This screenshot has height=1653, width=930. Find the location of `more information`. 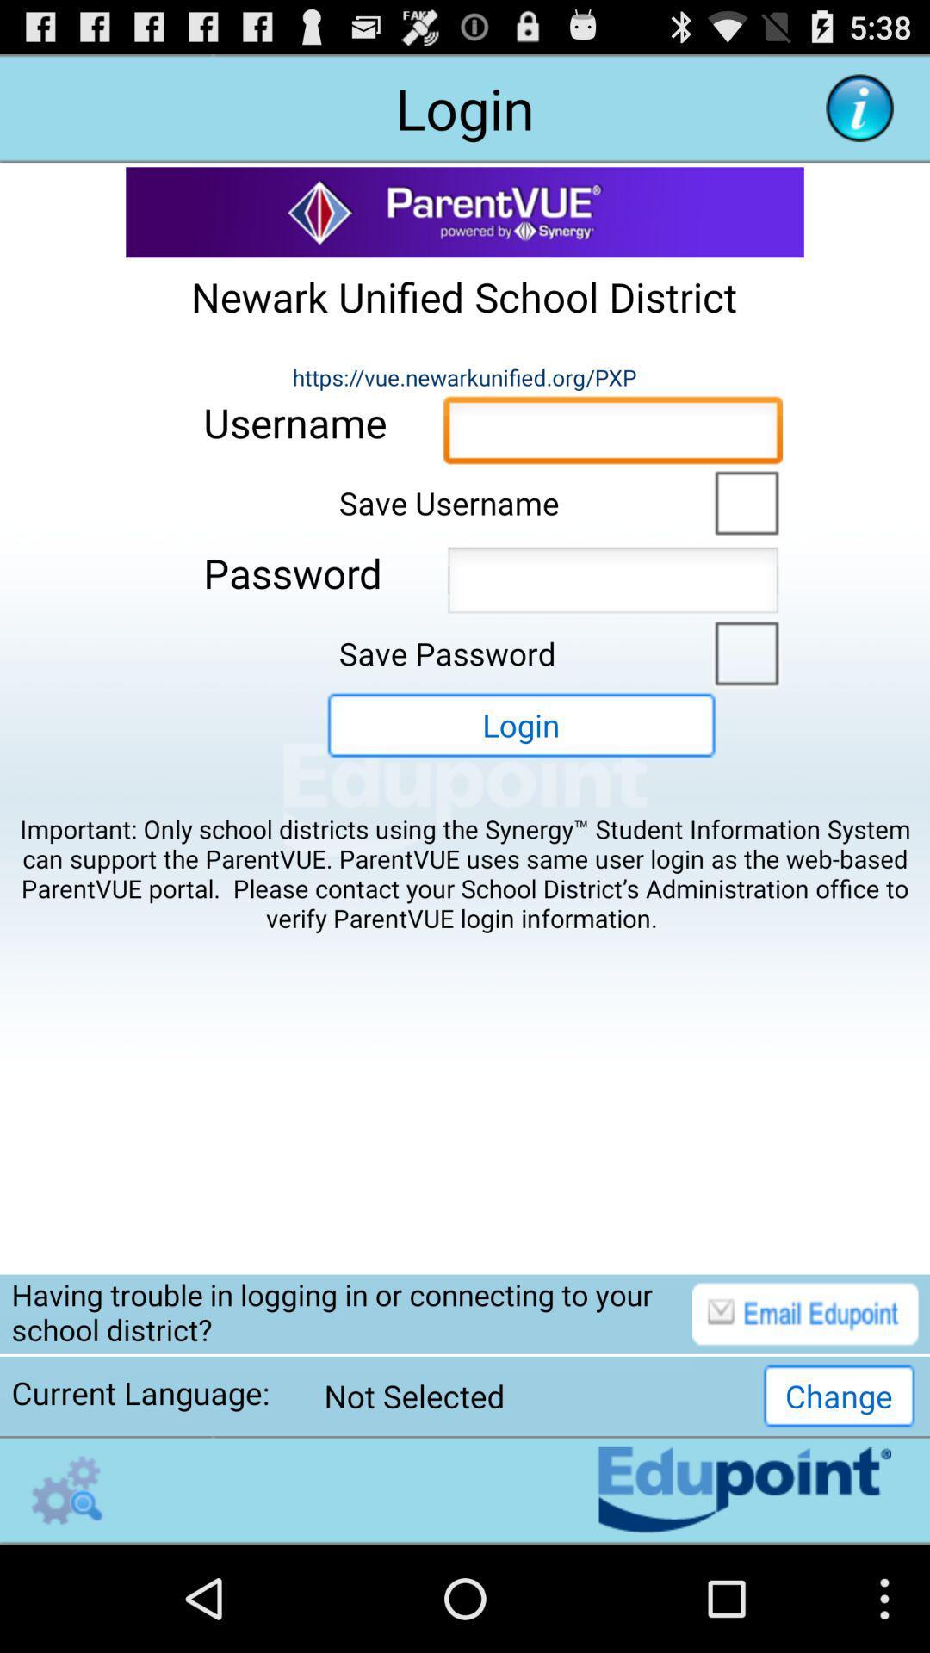

more information is located at coordinates (859, 107).